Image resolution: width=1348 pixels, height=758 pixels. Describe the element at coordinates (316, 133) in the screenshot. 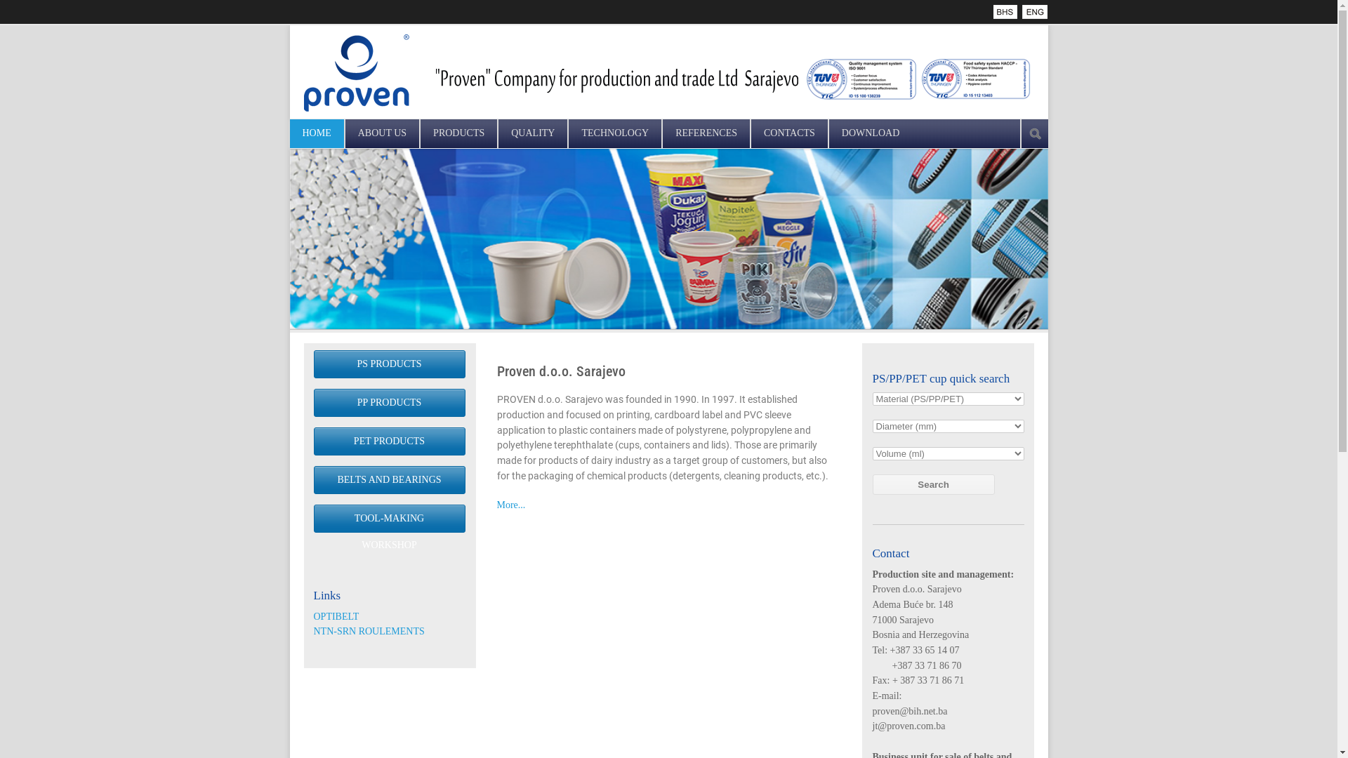

I see `'HOME'` at that location.